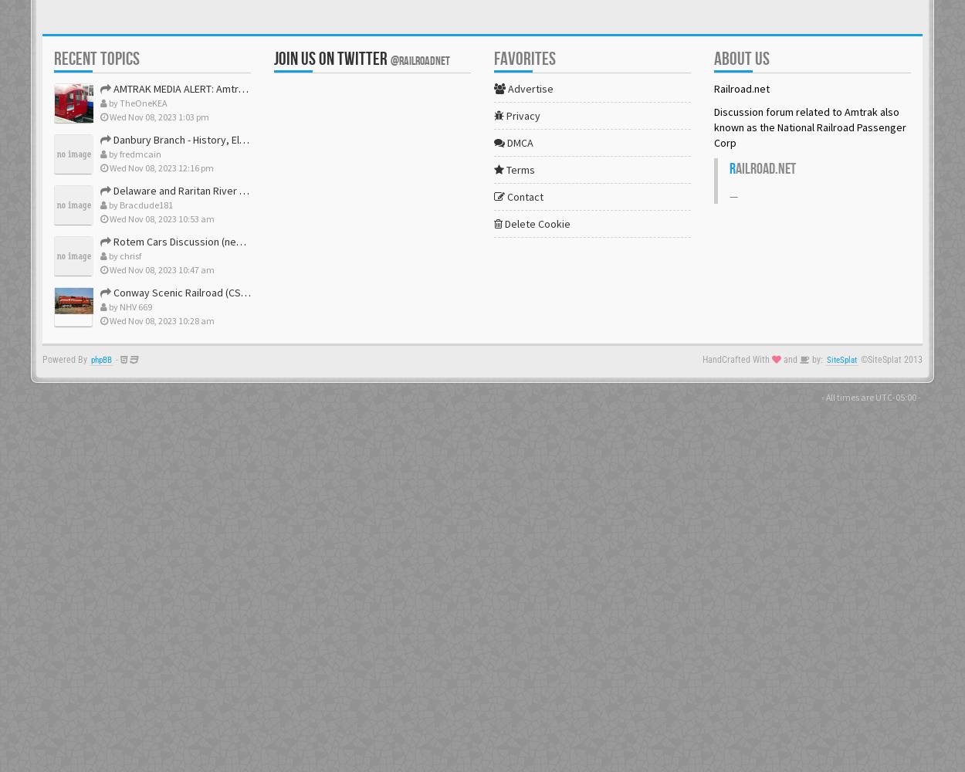 This screenshot has width=965, height=772. Describe the element at coordinates (810, 127) in the screenshot. I see `'Discussion forum related to Amtrak also known as the National Railroad Passenger Corp'` at that location.